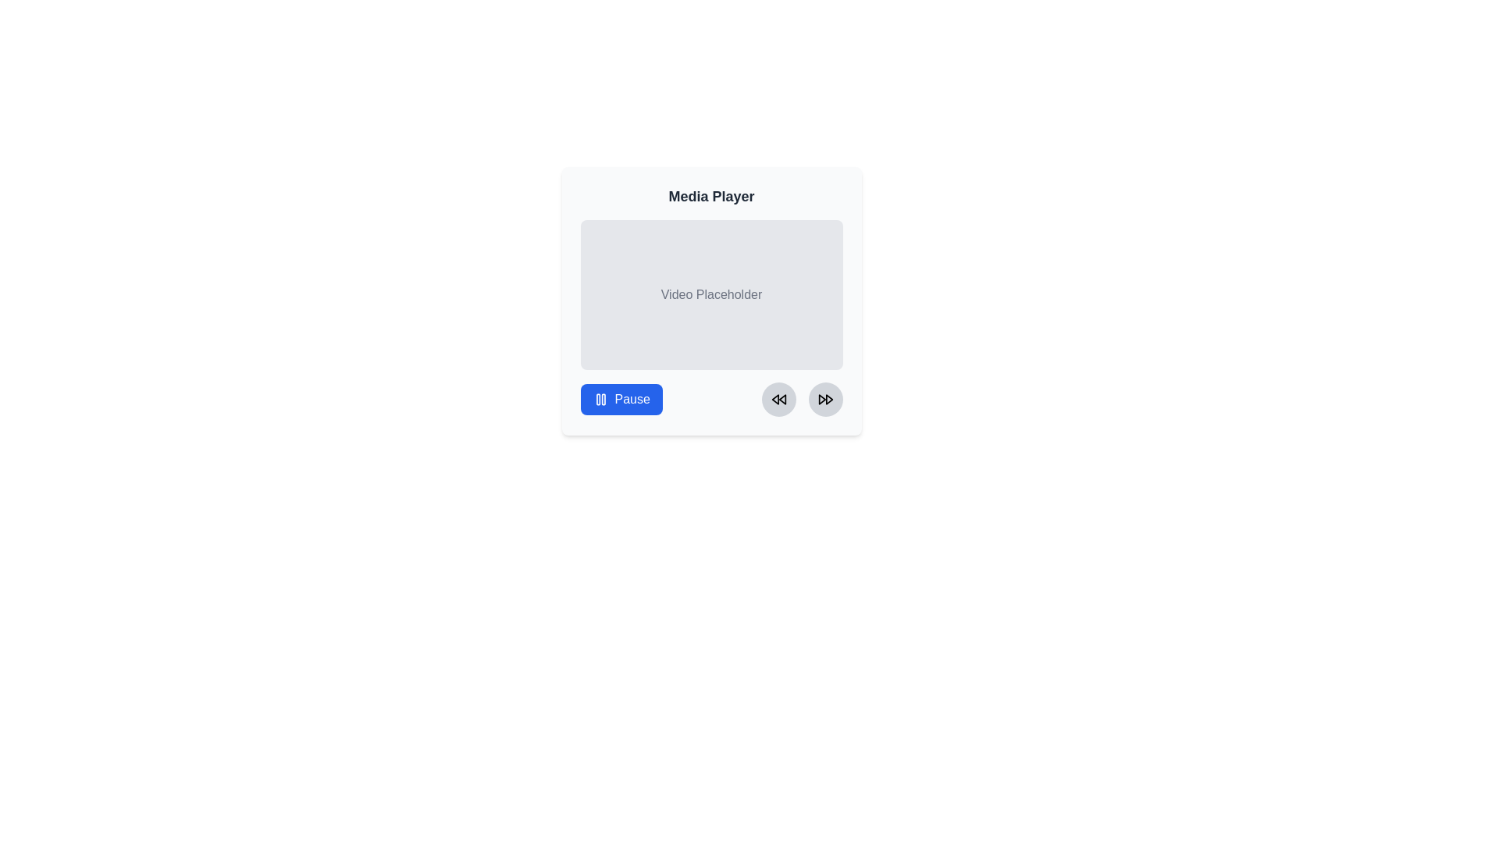 The image size is (1499, 843). Describe the element at coordinates (802, 399) in the screenshot. I see `the group of circular buttons for fast-rewind and fast-forward navigation, located centrally beneath the media playback area of the media player` at that location.